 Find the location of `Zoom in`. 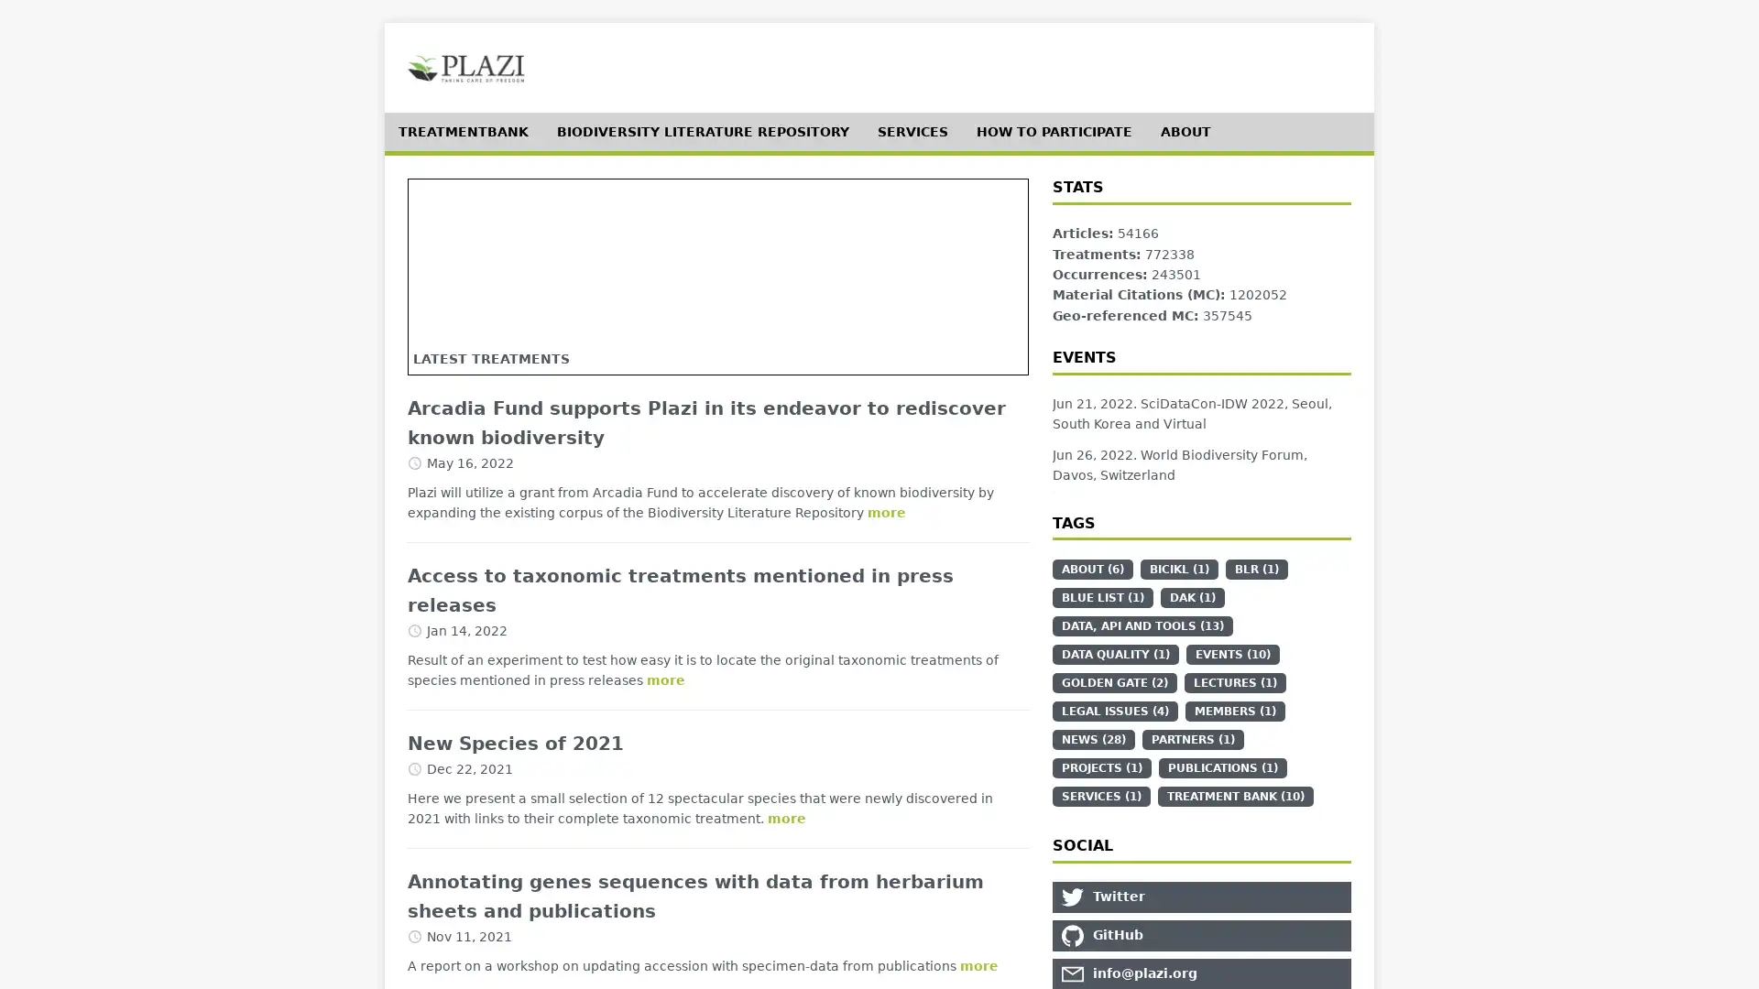

Zoom in is located at coordinates (437, 207).